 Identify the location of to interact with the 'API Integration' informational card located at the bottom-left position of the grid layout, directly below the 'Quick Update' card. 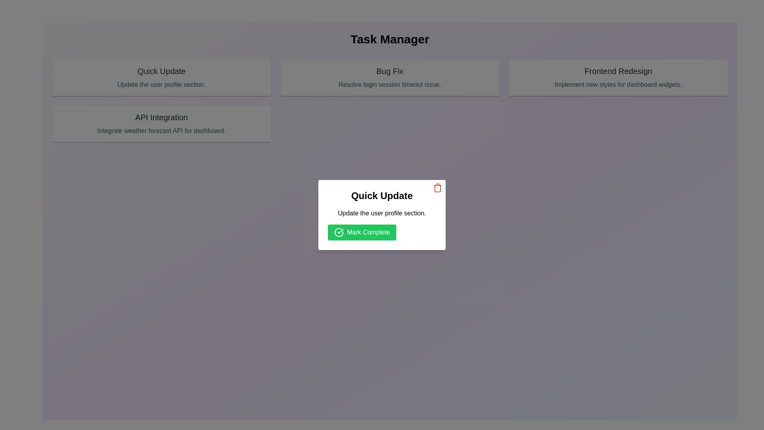
(156, 119).